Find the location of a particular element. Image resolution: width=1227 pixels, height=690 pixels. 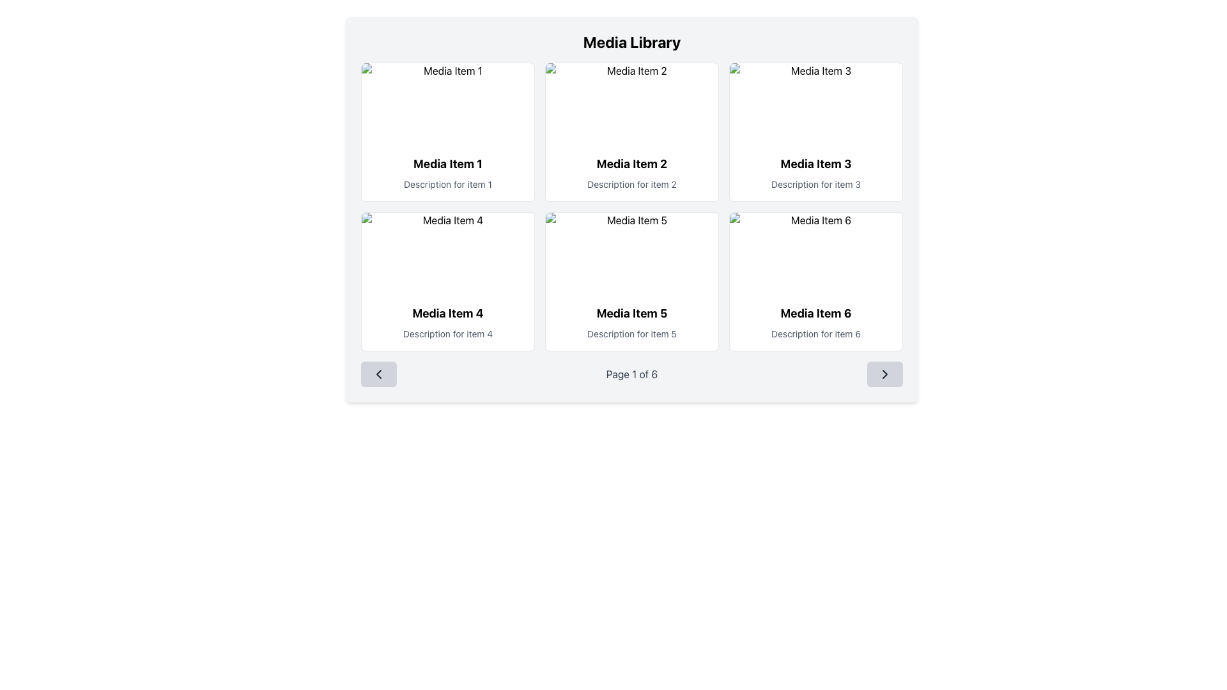

the card element displaying 'Media Item 5' with a white background and rounded corners, located in the middle column of the bottom row in a 3-column grid layout is located at coordinates (631, 280).